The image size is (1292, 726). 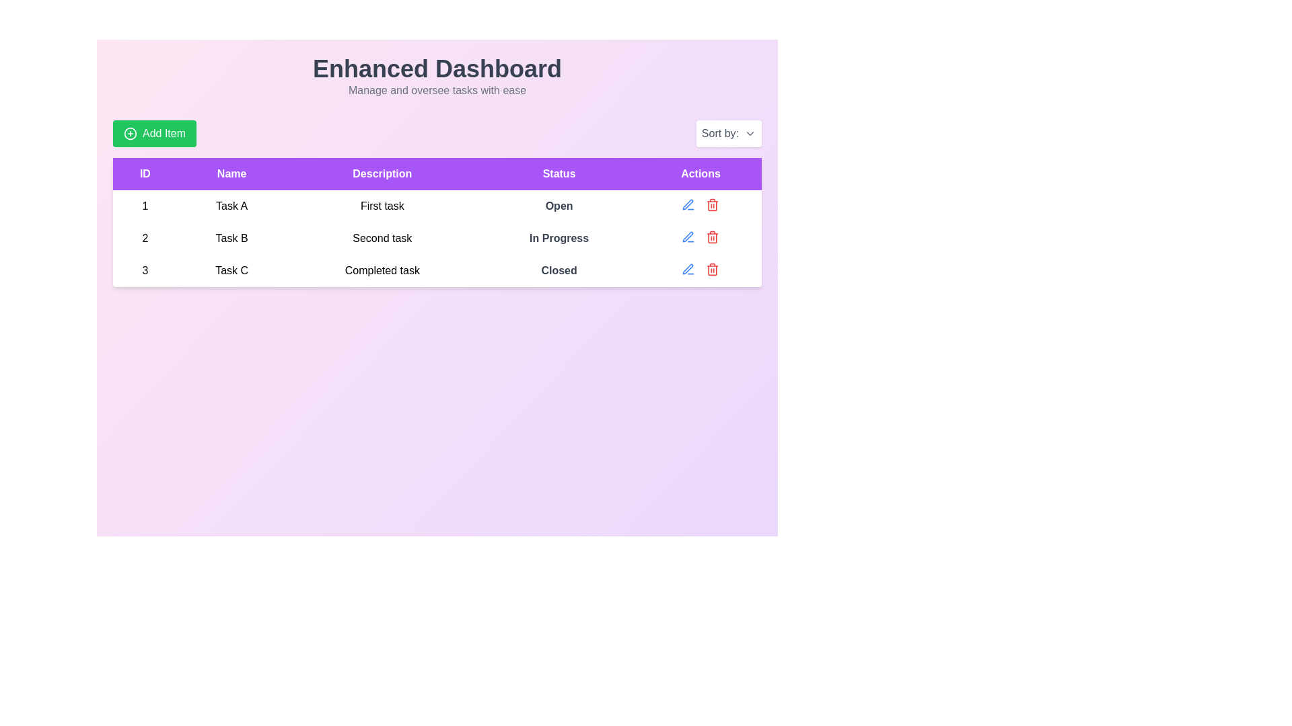 I want to click on the Header with subtitle that introduces the content below it, providing context to the dashboard environment, so click(x=437, y=77).